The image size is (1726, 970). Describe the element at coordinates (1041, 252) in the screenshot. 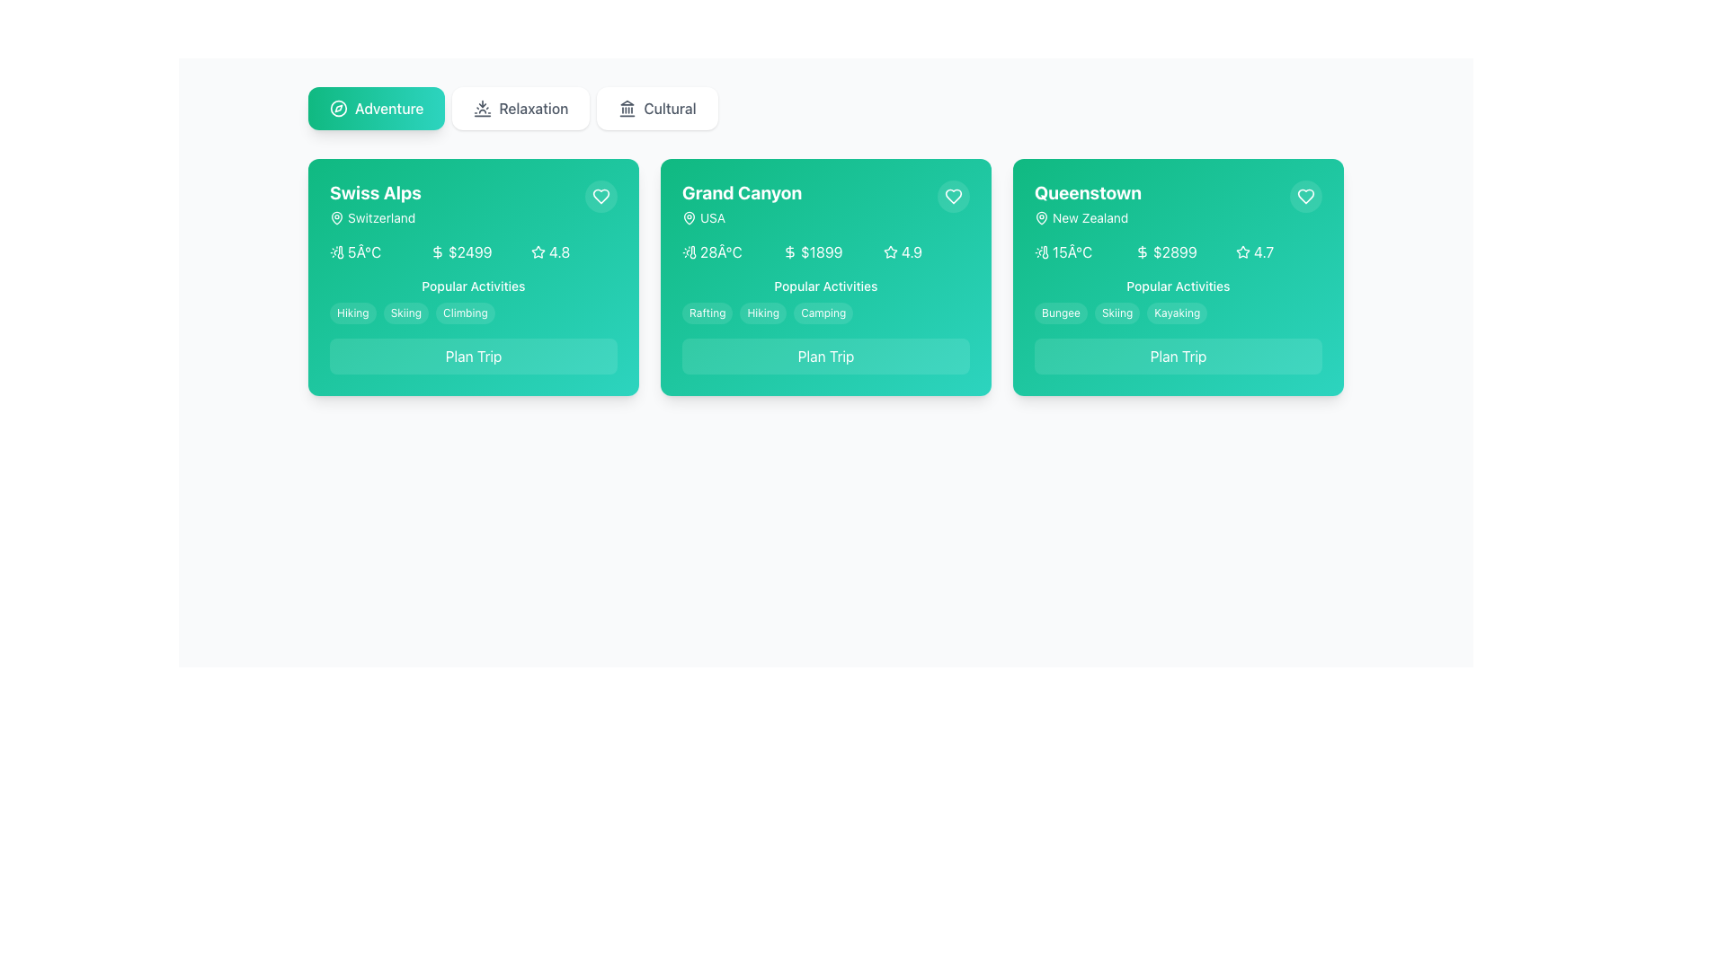

I see `the weather icon depicting a thermometer with sun rays, located on the green background to the left of the text '15°C' for Queenstown` at that location.